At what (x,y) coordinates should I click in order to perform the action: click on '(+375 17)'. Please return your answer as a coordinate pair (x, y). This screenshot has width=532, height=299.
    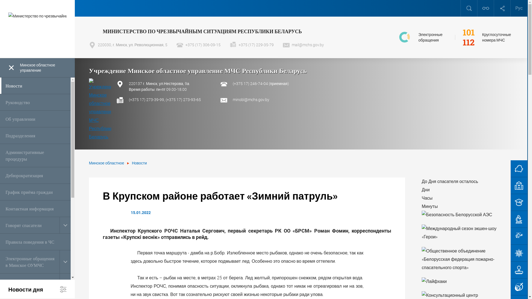
    Looking at the image, I should click on (233, 83).